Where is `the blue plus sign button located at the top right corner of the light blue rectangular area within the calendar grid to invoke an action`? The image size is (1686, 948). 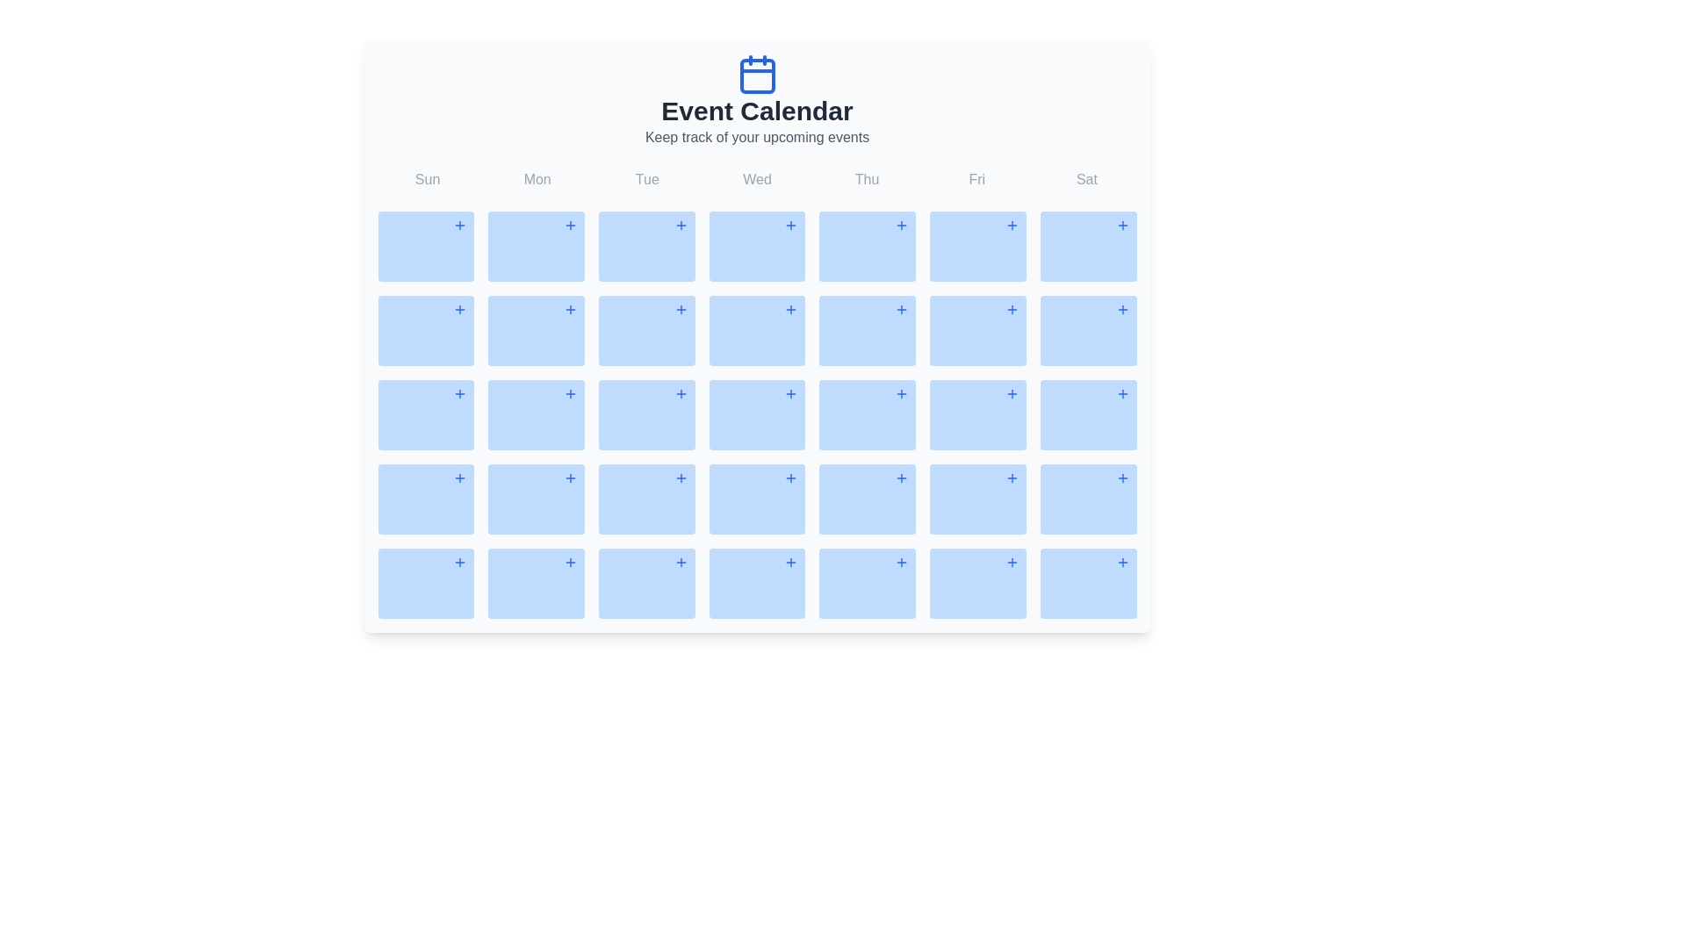
the blue plus sign button located at the top right corner of the light blue rectangular area within the calendar grid to invoke an action is located at coordinates (570, 392).